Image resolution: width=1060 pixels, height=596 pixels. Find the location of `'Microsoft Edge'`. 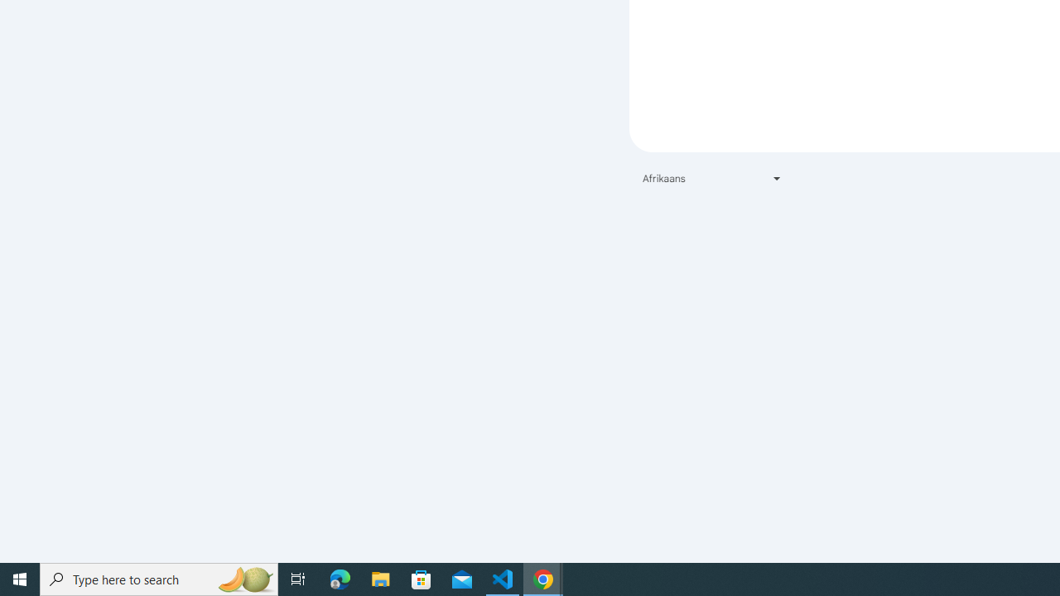

'Microsoft Edge' is located at coordinates (340, 578).